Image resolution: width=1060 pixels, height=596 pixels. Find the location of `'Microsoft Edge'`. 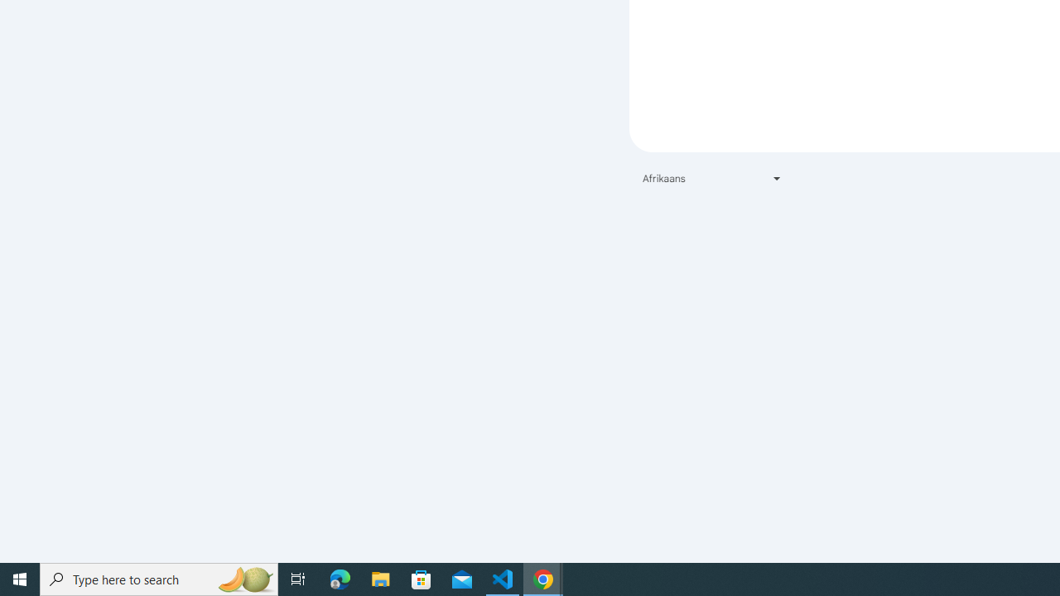

'Microsoft Edge' is located at coordinates (340, 578).